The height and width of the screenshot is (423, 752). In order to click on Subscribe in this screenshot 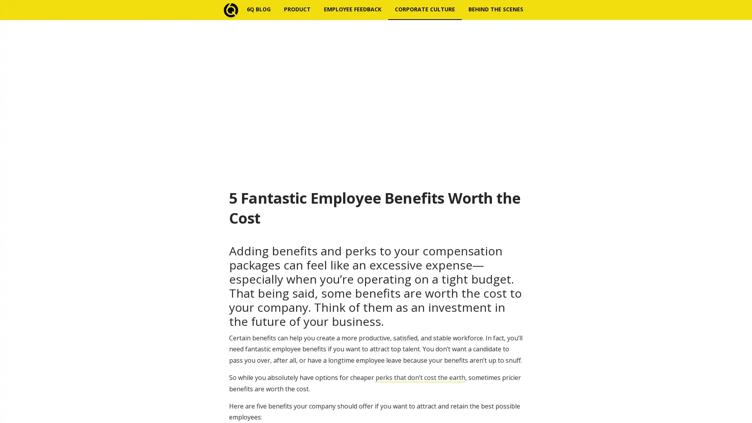, I will do `click(462, 412)`.